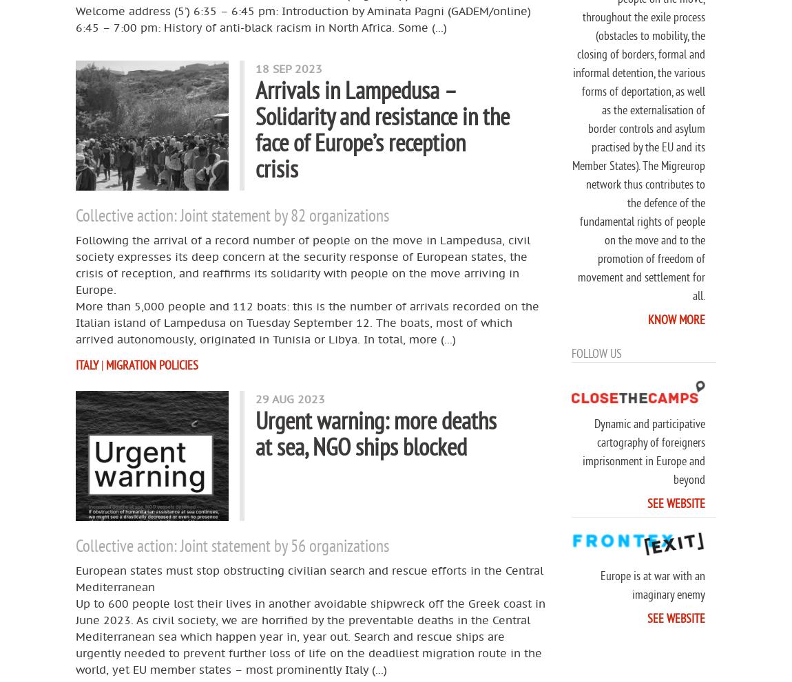 The image size is (792, 682). Describe the element at coordinates (376, 432) in the screenshot. I see `'Urgent warning: more deaths at sea, NGO ships blocked'` at that location.